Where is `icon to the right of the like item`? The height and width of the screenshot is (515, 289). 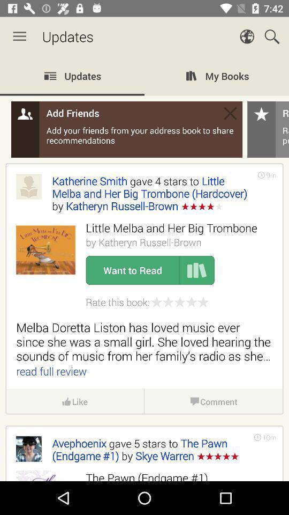
icon to the right of the like item is located at coordinates (214, 401).